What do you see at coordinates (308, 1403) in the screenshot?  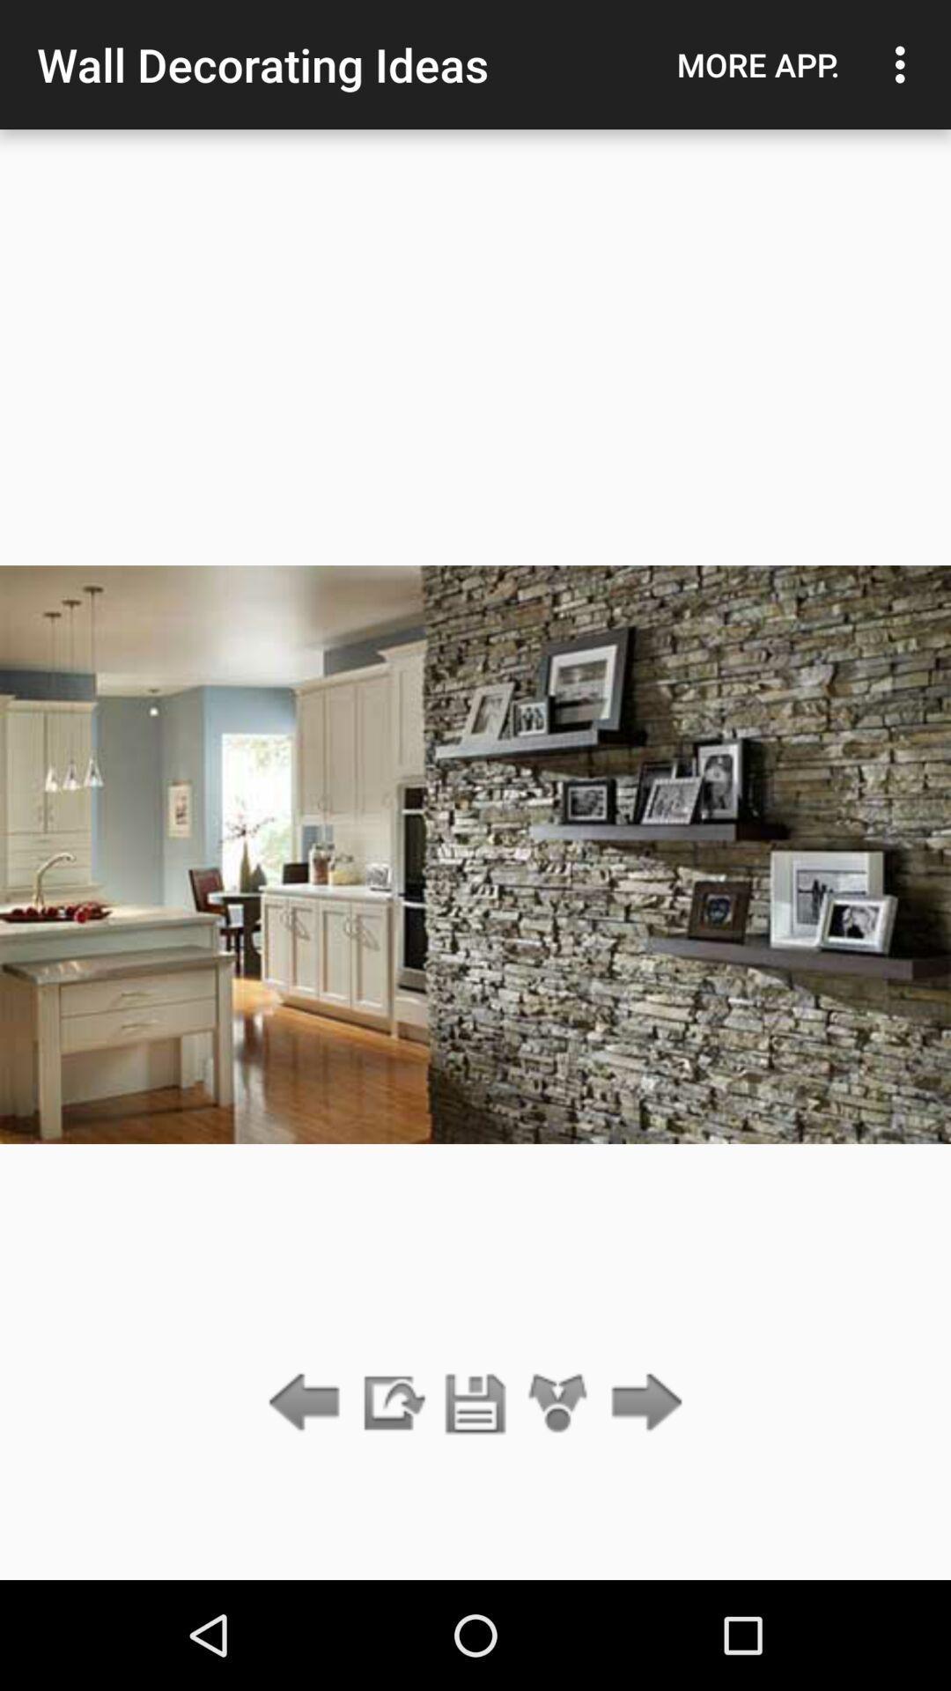 I see `the arrow_backward icon` at bounding box center [308, 1403].